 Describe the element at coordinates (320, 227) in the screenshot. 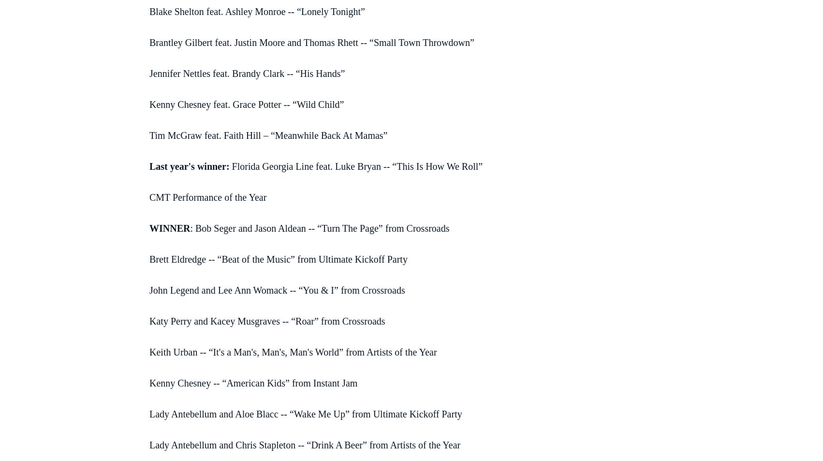

I see `': Bob Seger and Jason Aldean -- “Turn The Page” from Crossroads'` at that location.